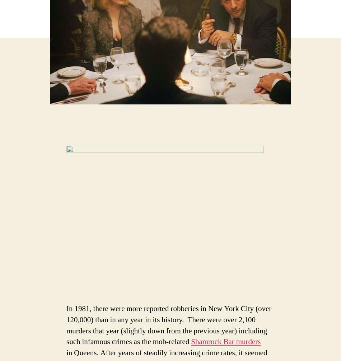  Describe the element at coordinates (33, 75) in the screenshot. I see `'Email Address'` at that location.